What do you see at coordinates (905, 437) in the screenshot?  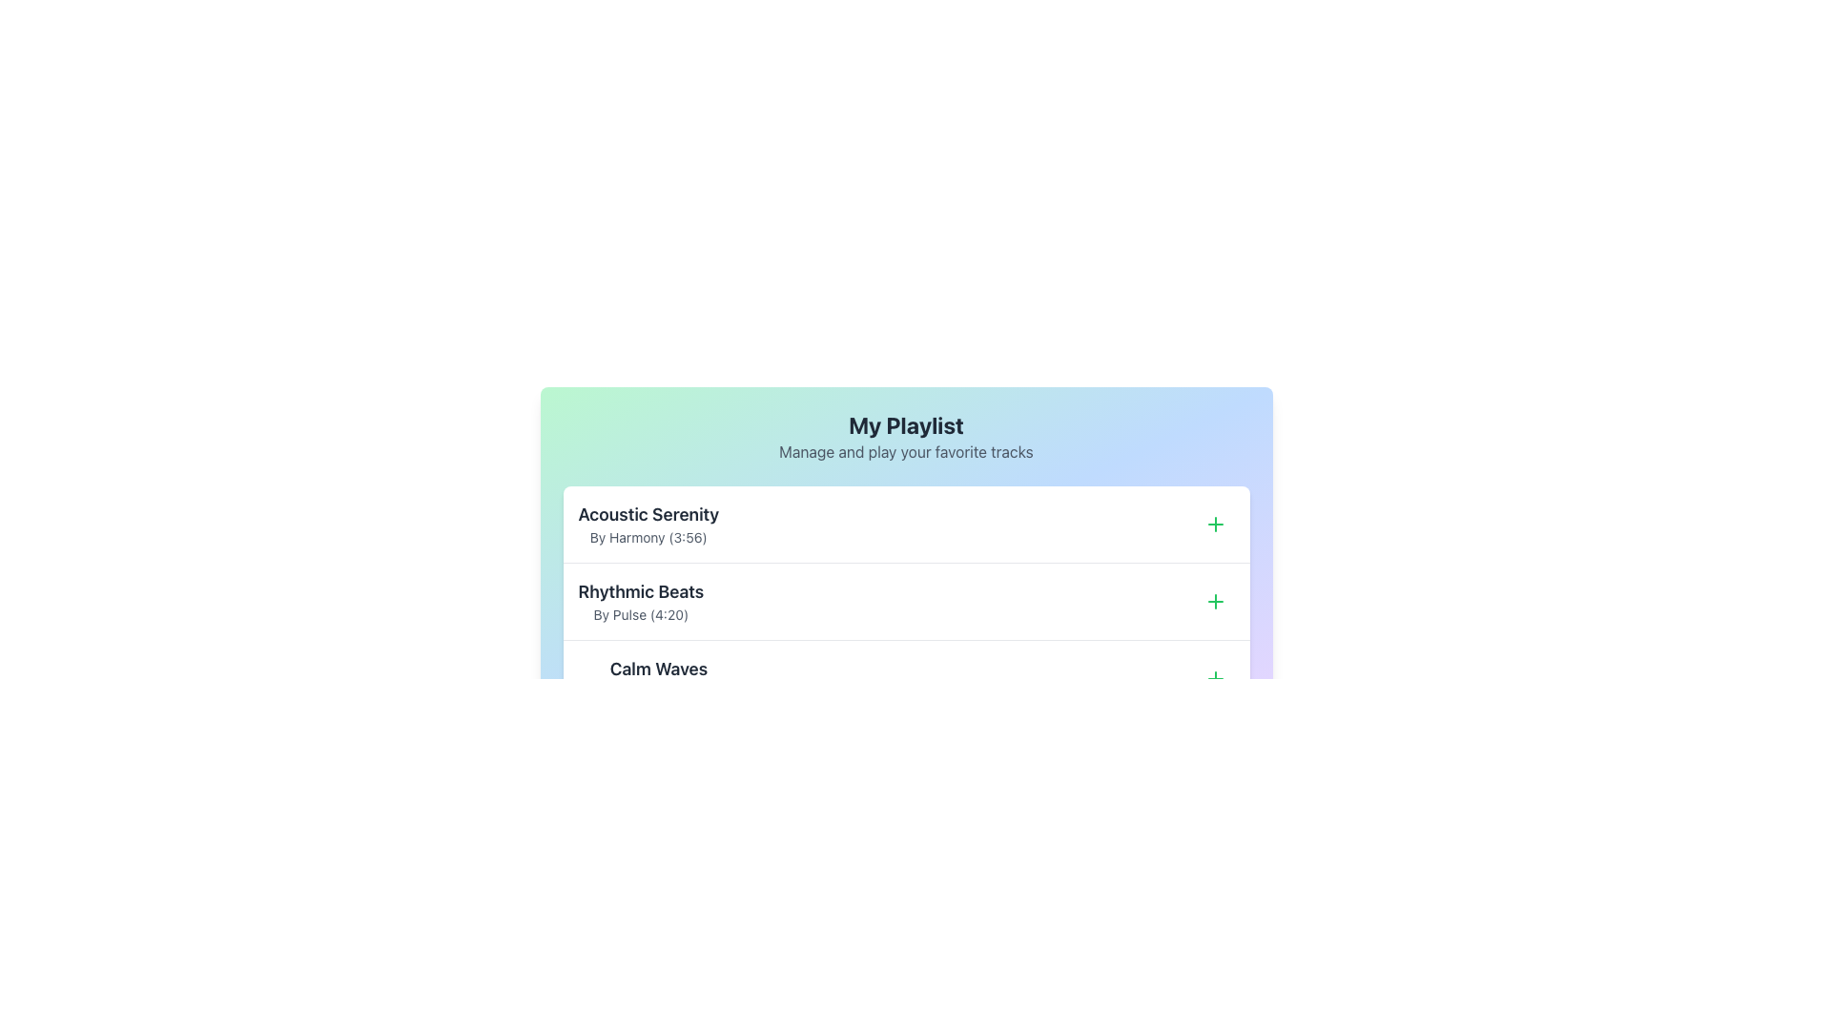 I see `text content of the Text Block titled 'My Playlist' that contains a subtitle 'Manage and play your favorite tracks', which is center-aligned and located at the top of a gradient background section` at bounding box center [905, 437].